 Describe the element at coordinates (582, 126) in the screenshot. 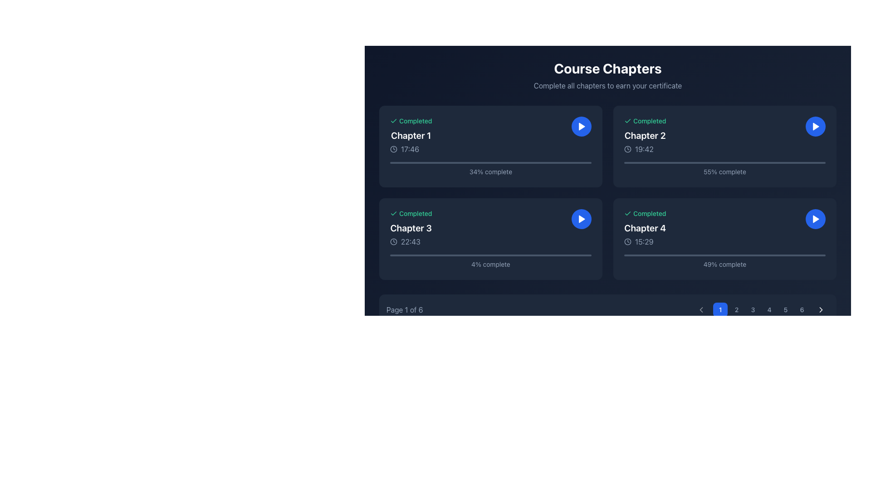

I see `the Play icon button located in the first chapter card at the top-left corner of the list` at that location.